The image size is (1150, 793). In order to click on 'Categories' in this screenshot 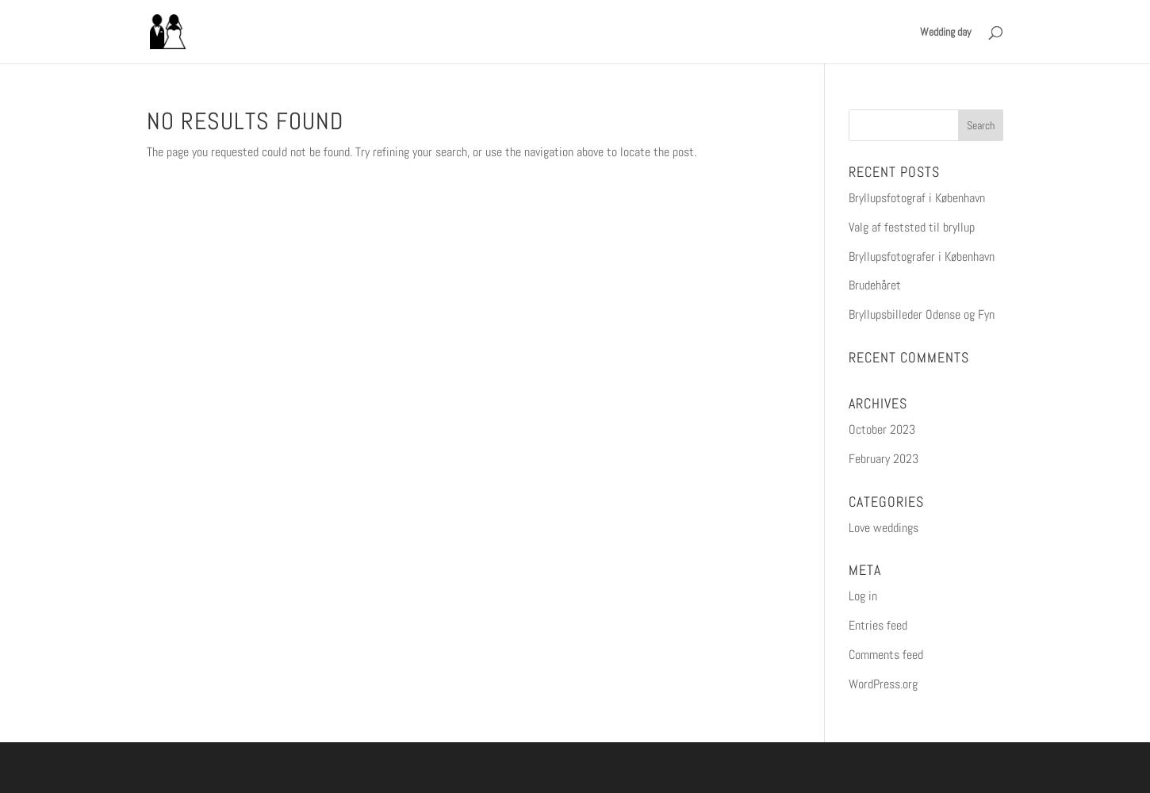, I will do `click(847, 500)`.